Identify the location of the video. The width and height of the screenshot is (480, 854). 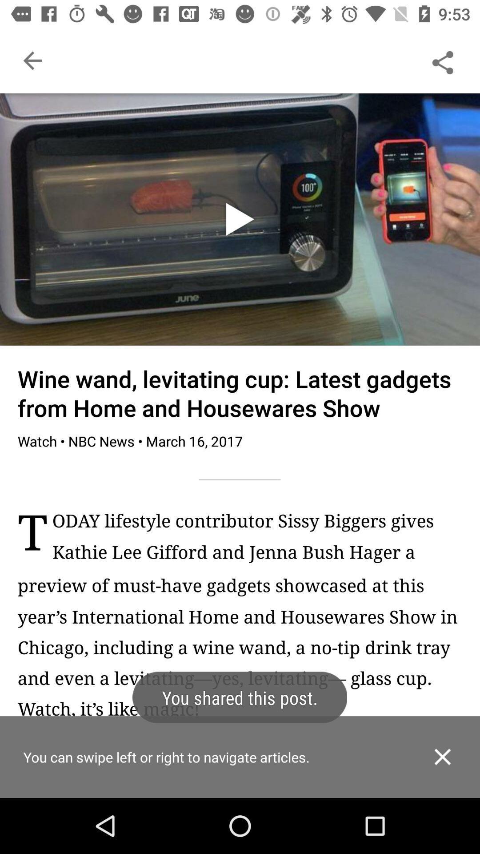
(239, 219).